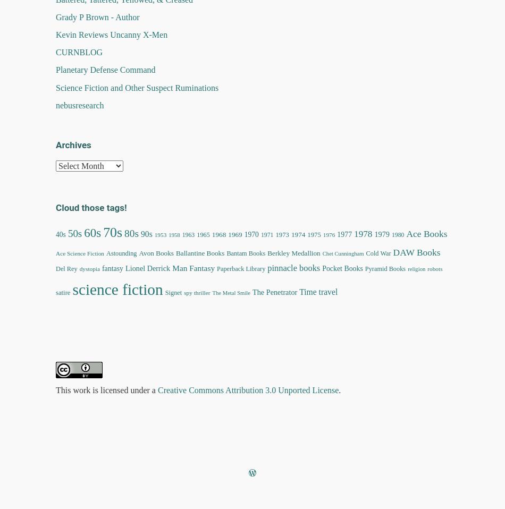 The image size is (505, 509). I want to click on 'Man Fantasy', so click(193, 267).